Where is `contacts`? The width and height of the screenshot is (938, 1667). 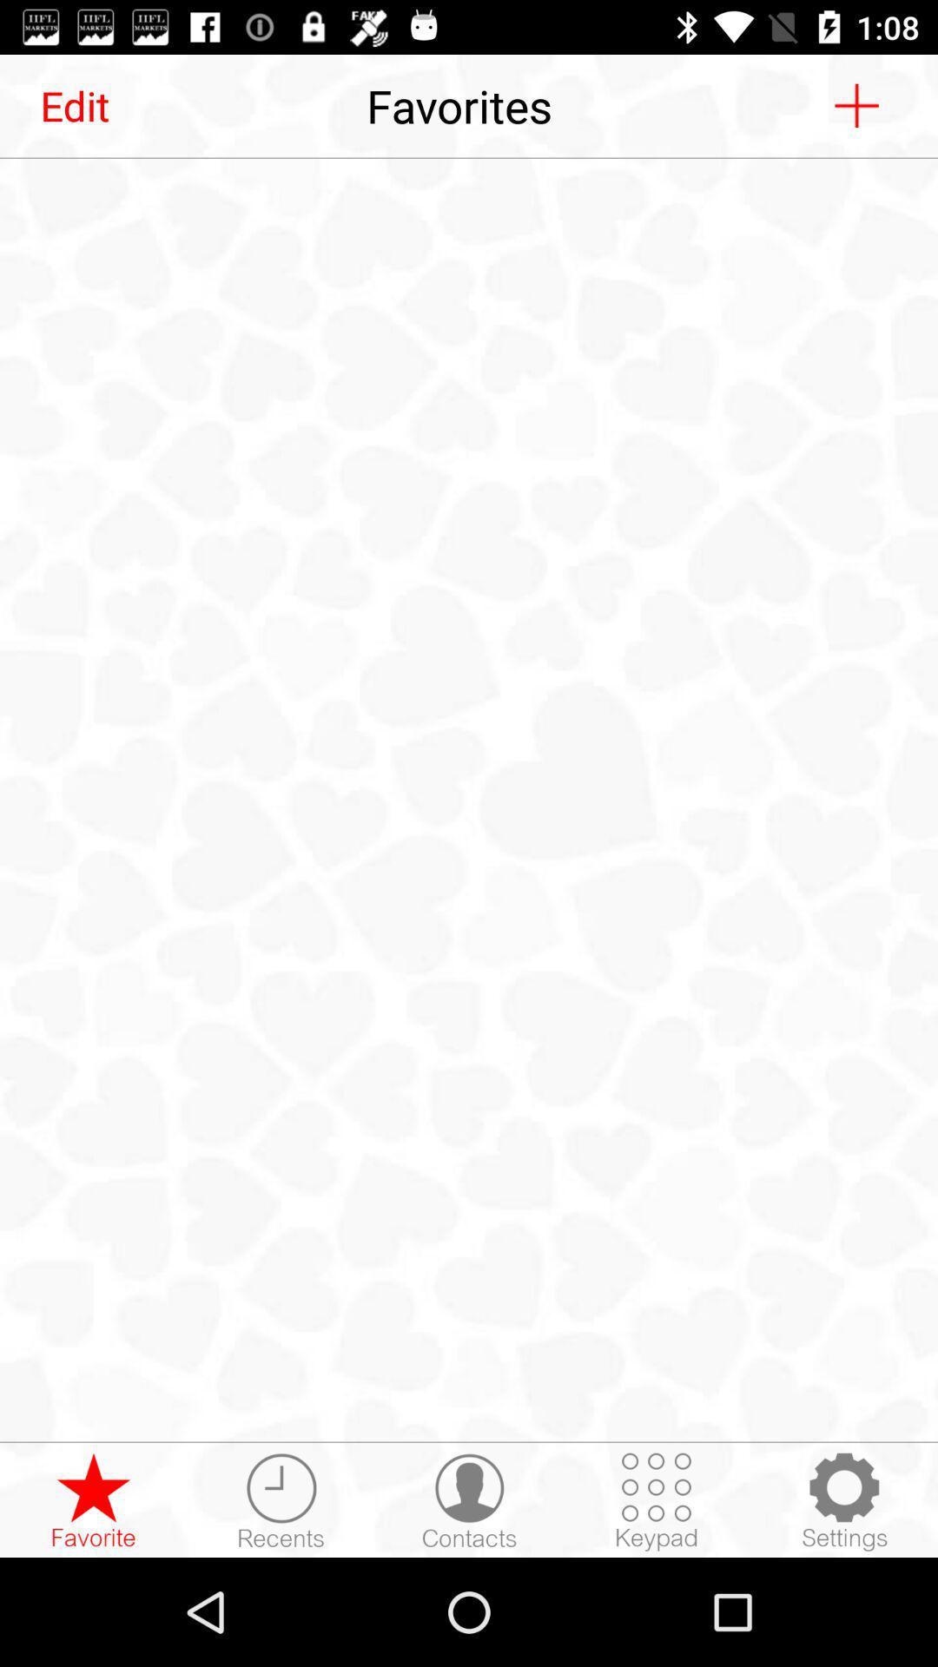
contacts is located at coordinates (469, 1500).